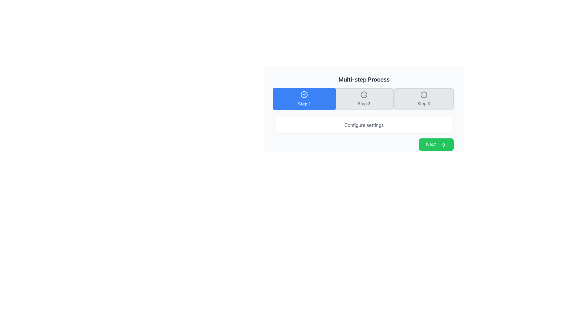  Describe the element at coordinates (304, 98) in the screenshot. I see `the blue rectangular button with a white circular check icon and the text 'Step 1'` at that location.